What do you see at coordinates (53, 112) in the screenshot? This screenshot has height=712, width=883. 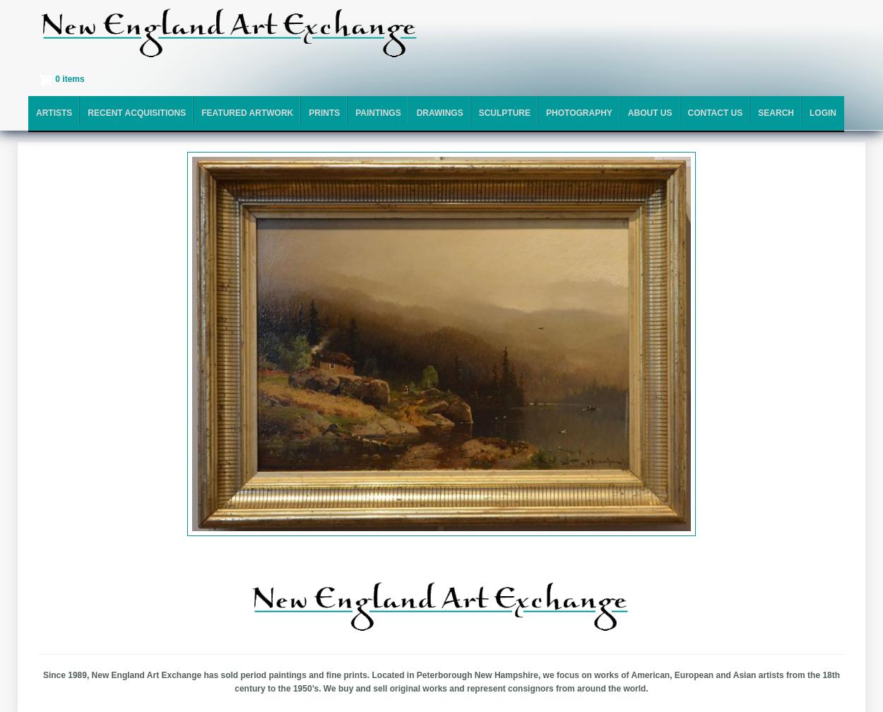 I see `'Artists'` at bounding box center [53, 112].